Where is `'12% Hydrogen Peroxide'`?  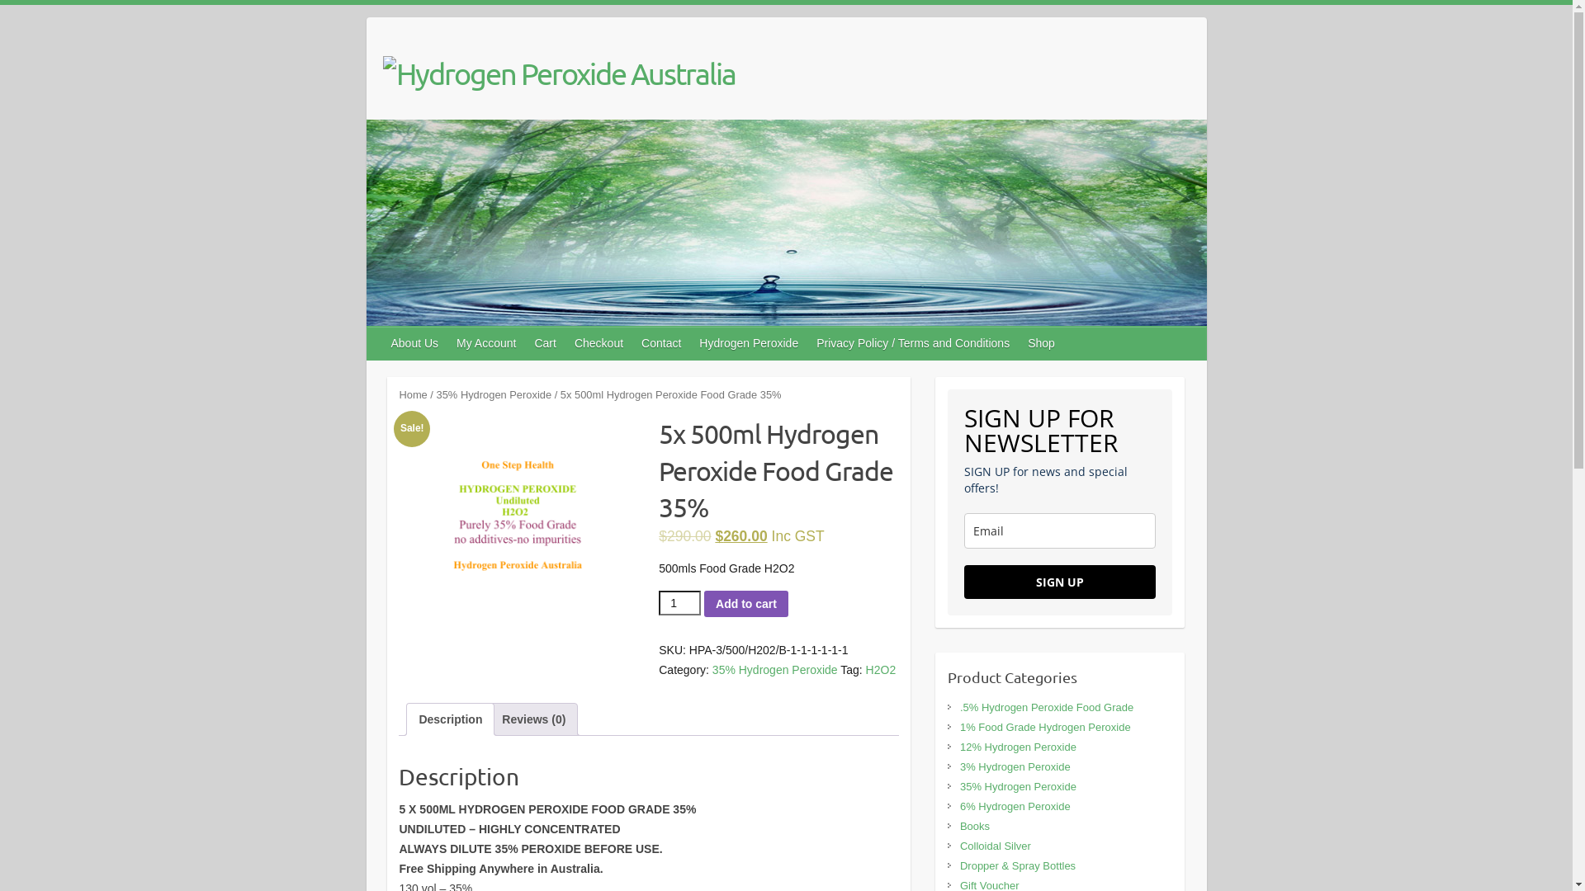 '12% Hydrogen Peroxide' is located at coordinates (1017, 747).